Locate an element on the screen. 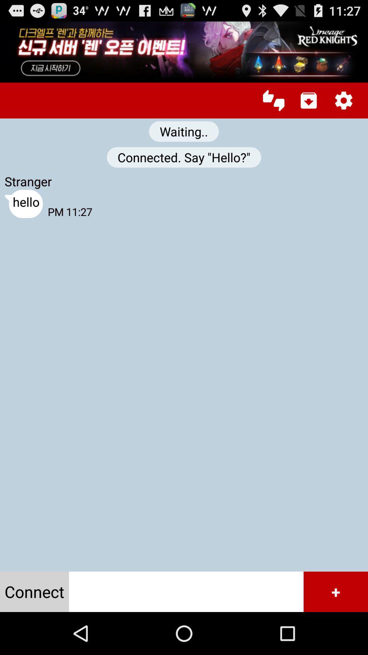  the settings icon is located at coordinates (343, 107).